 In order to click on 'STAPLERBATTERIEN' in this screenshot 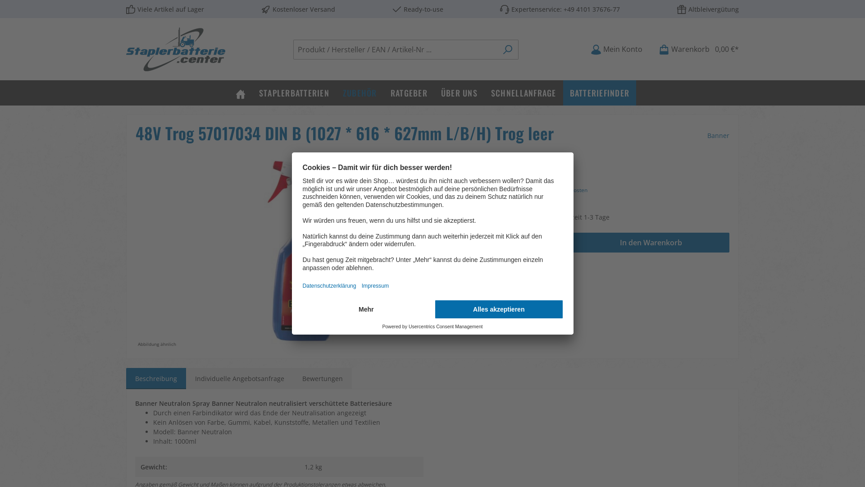, I will do `click(294, 92)`.